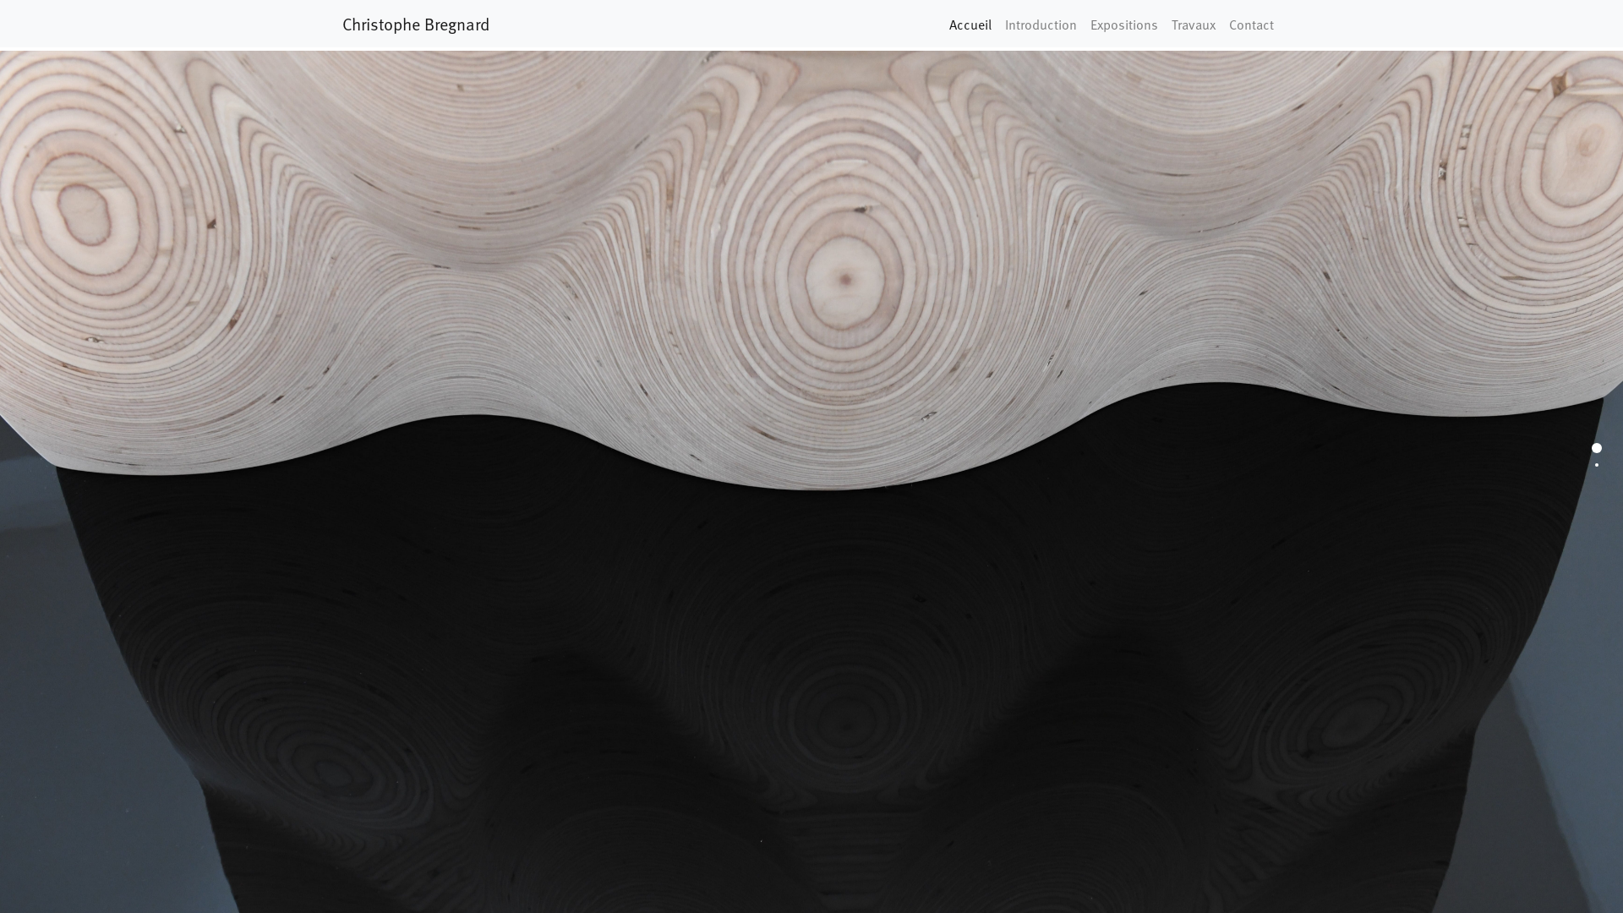 The height and width of the screenshot is (913, 1623). Describe the element at coordinates (1123, 23) in the screenshot. I see `'Expositions'` at that location.